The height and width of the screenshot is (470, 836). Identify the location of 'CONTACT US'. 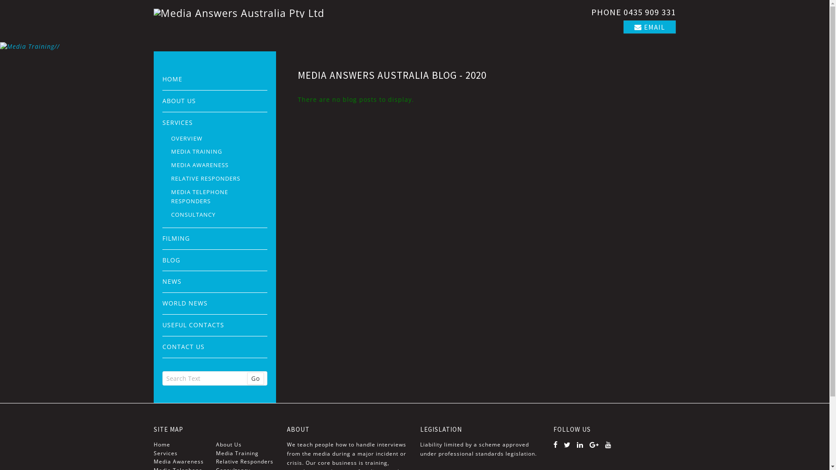
(215, 346).